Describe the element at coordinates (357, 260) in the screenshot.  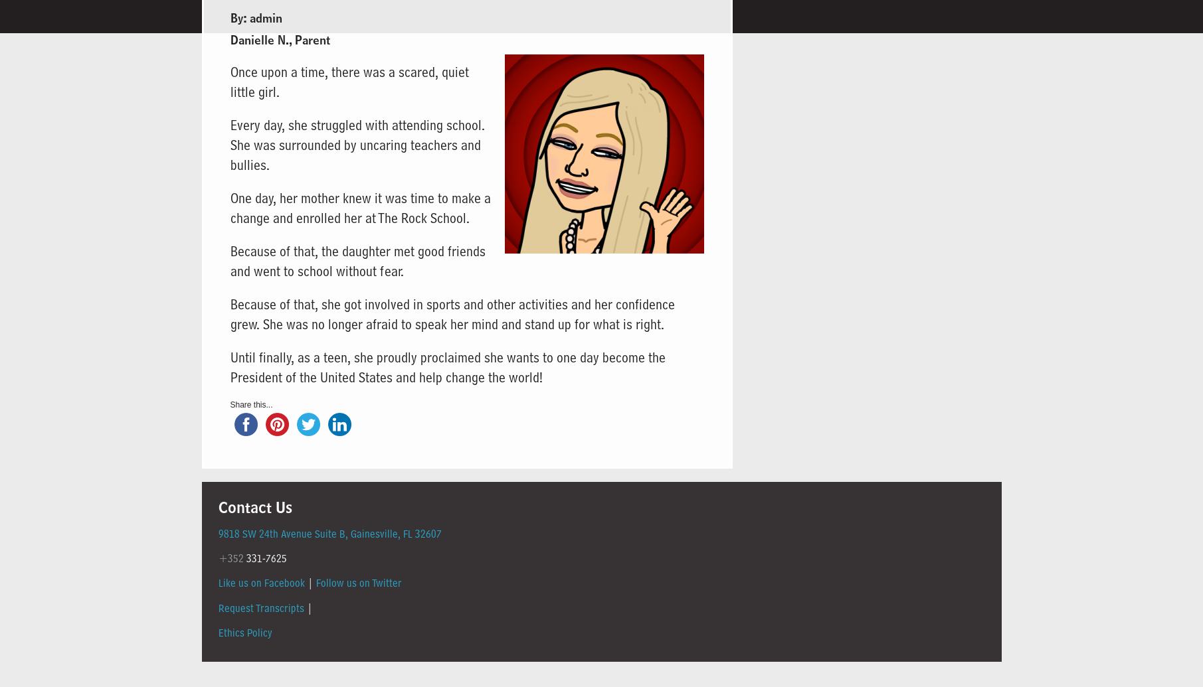
I see `'Because of that, the daughter met good friends and went to school without fear.'` at that location.